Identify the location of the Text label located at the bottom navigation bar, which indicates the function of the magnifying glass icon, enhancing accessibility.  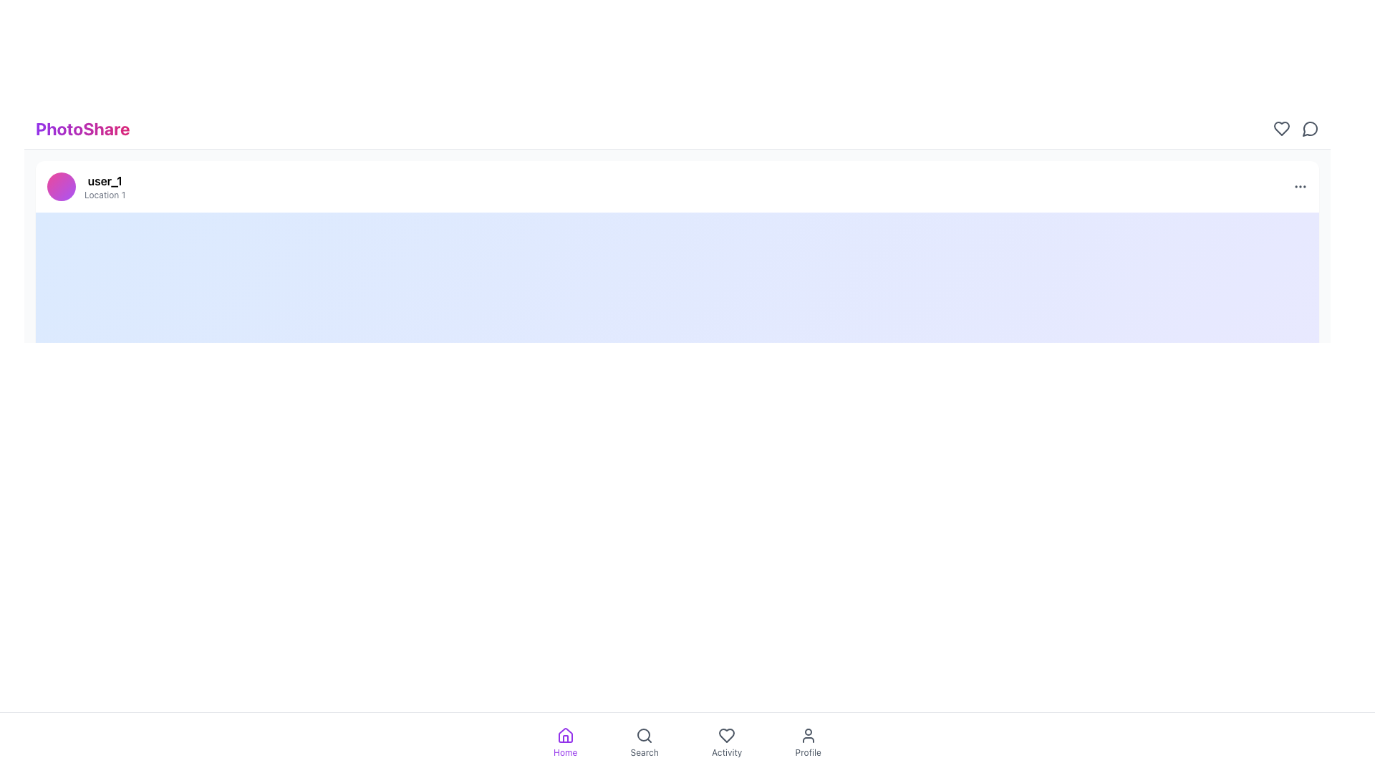
(644, 752).